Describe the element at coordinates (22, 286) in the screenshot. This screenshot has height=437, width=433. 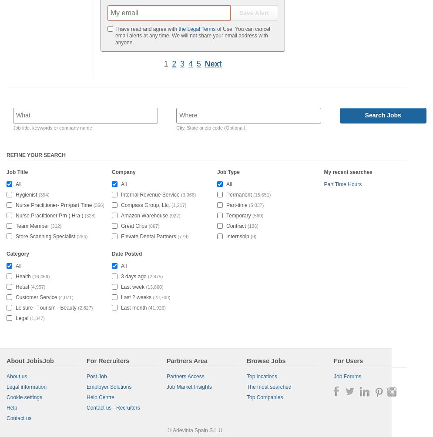
I see `'Retail'` at that location.